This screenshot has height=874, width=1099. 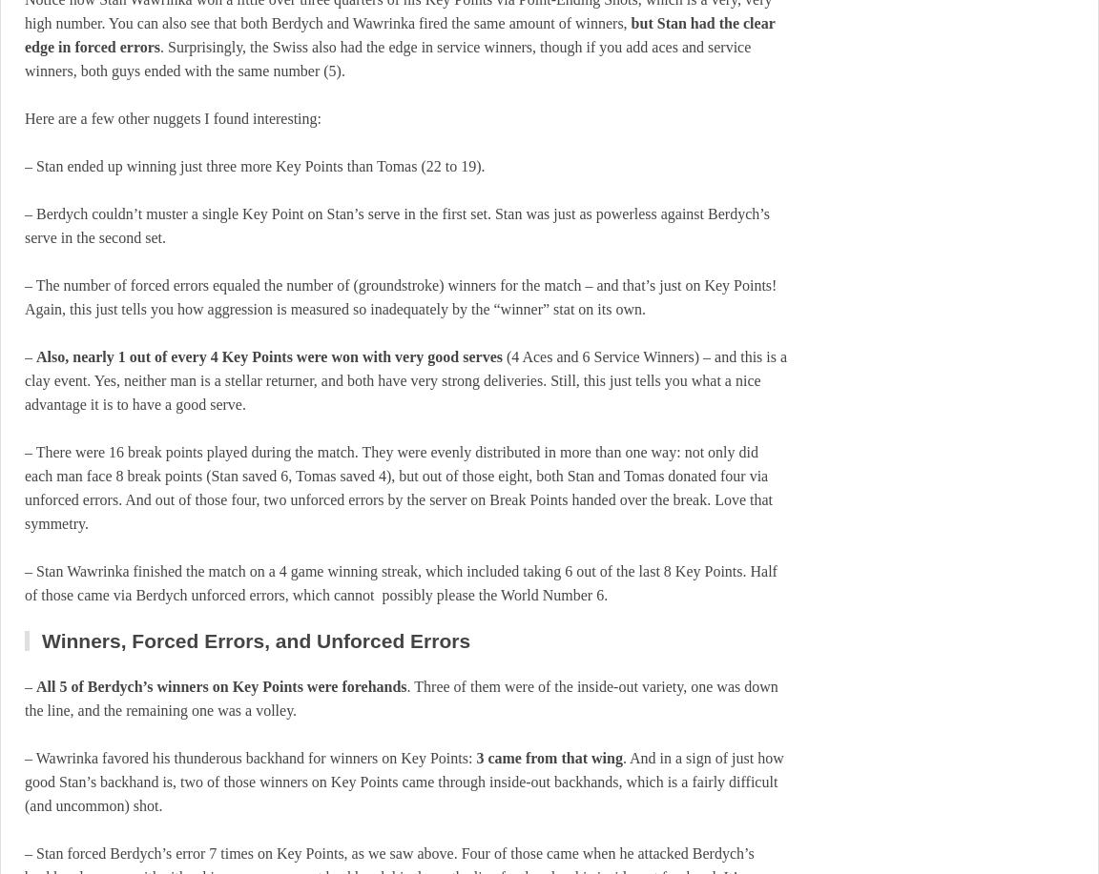 I want to click on '– Stan Wawrinka finished the match on a 4 game winning streak, which included taking 6 out of the last 8 Key Points. Half of those came via Berdych unforced errors, which cannot  possibly please the World Number 6.', so click(x=24, y=582).